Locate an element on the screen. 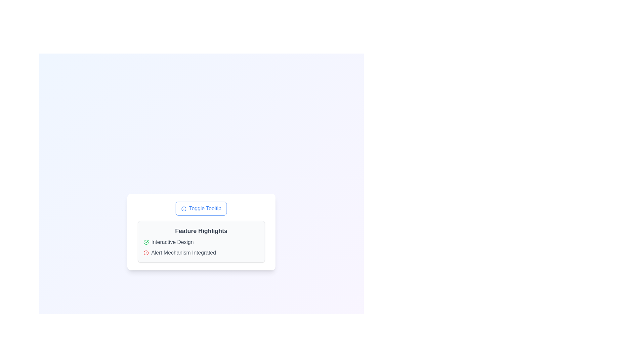 The image size is (635, 357). the circular information icon with a blue border is located at coordinates (184, 209).